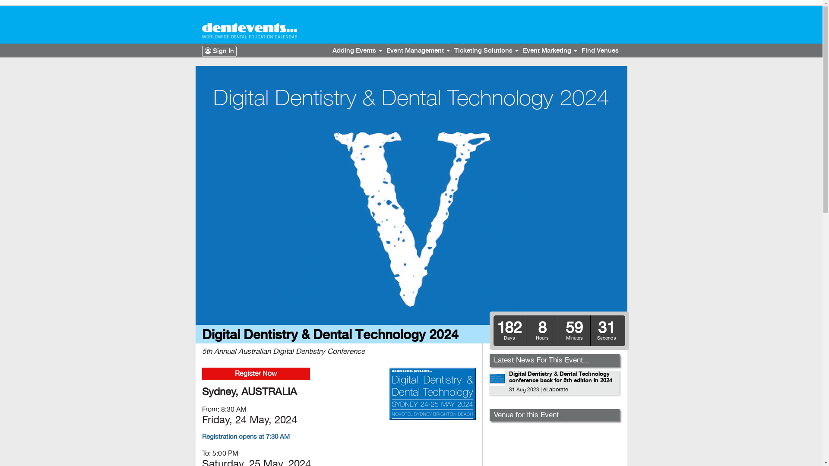  What do you see at coordinates (256, 373) in the screenshot?
I see `'Register Now'` at bounding box center [256, 373].